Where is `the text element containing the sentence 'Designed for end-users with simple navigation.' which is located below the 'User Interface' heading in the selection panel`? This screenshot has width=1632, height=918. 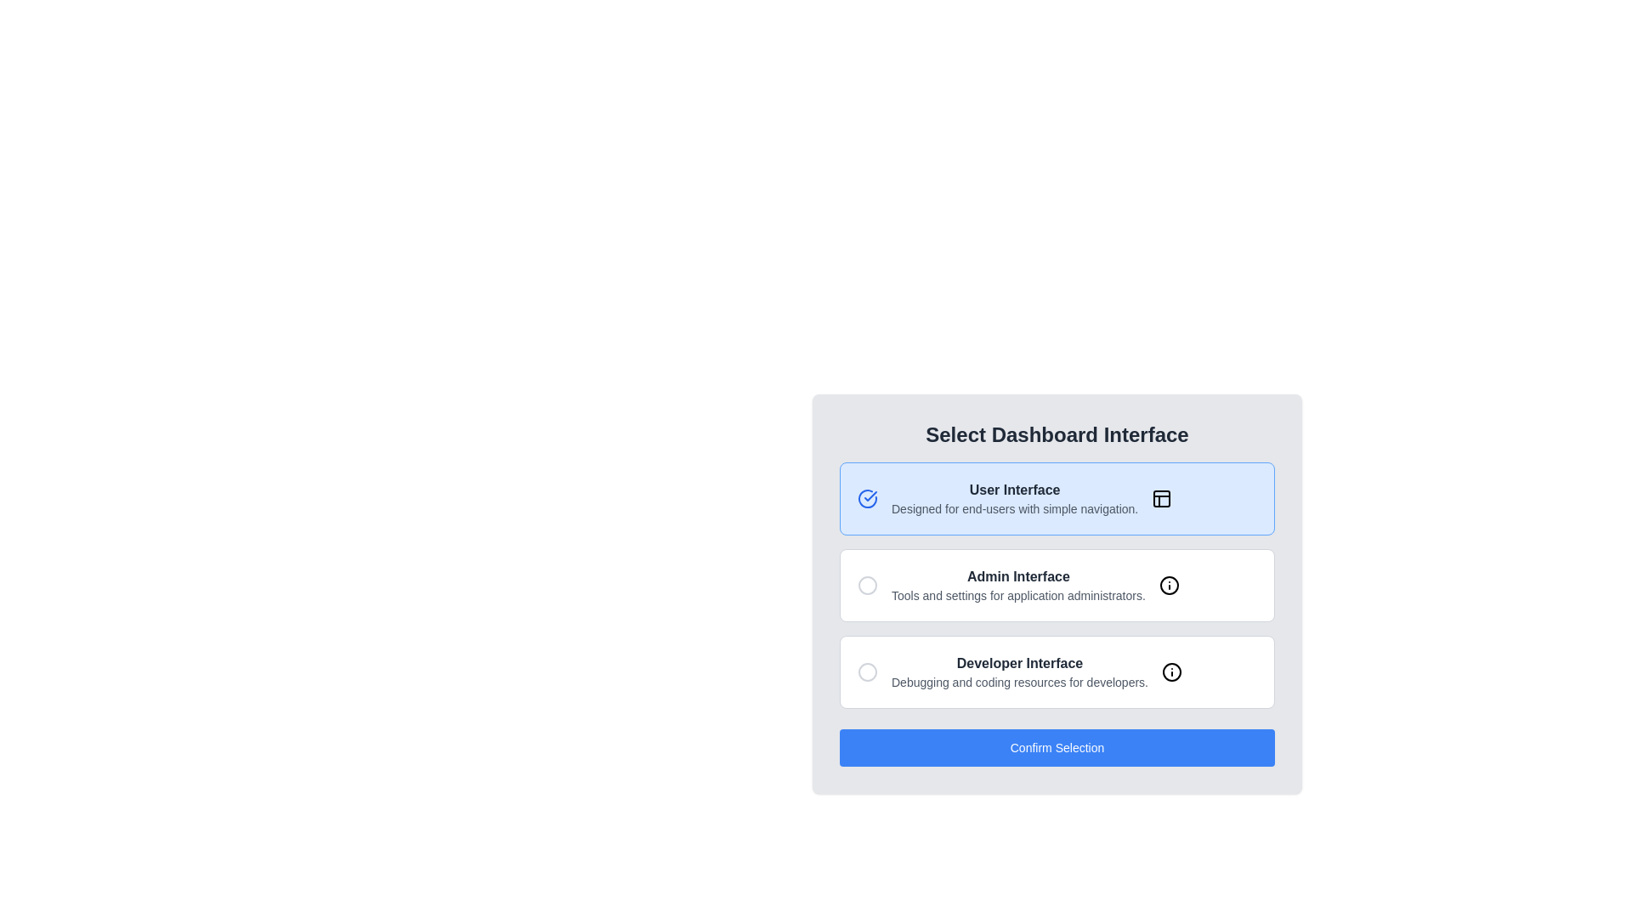
the text element containing the sentence 'Designed for end-users with simple navigation.' which is located below the 'User Interface' heading in the selection panel is located at coordinates (1015, 507).